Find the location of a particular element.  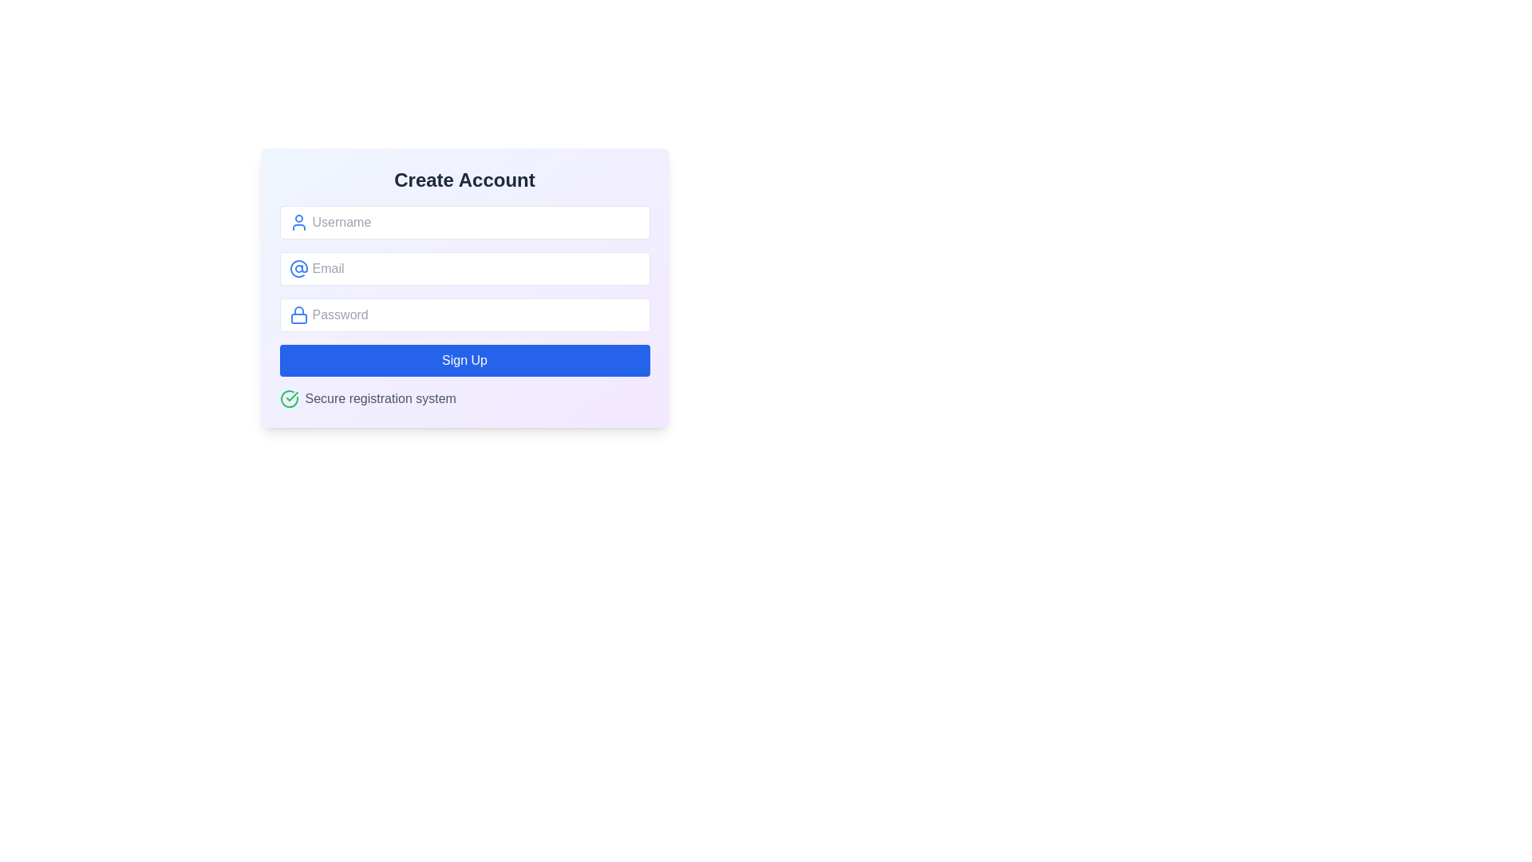

the blue 'at-sign' icon located to the left of the email input field, which is styled with a circular design and a focused blue color is located at coordinates (298, 267).